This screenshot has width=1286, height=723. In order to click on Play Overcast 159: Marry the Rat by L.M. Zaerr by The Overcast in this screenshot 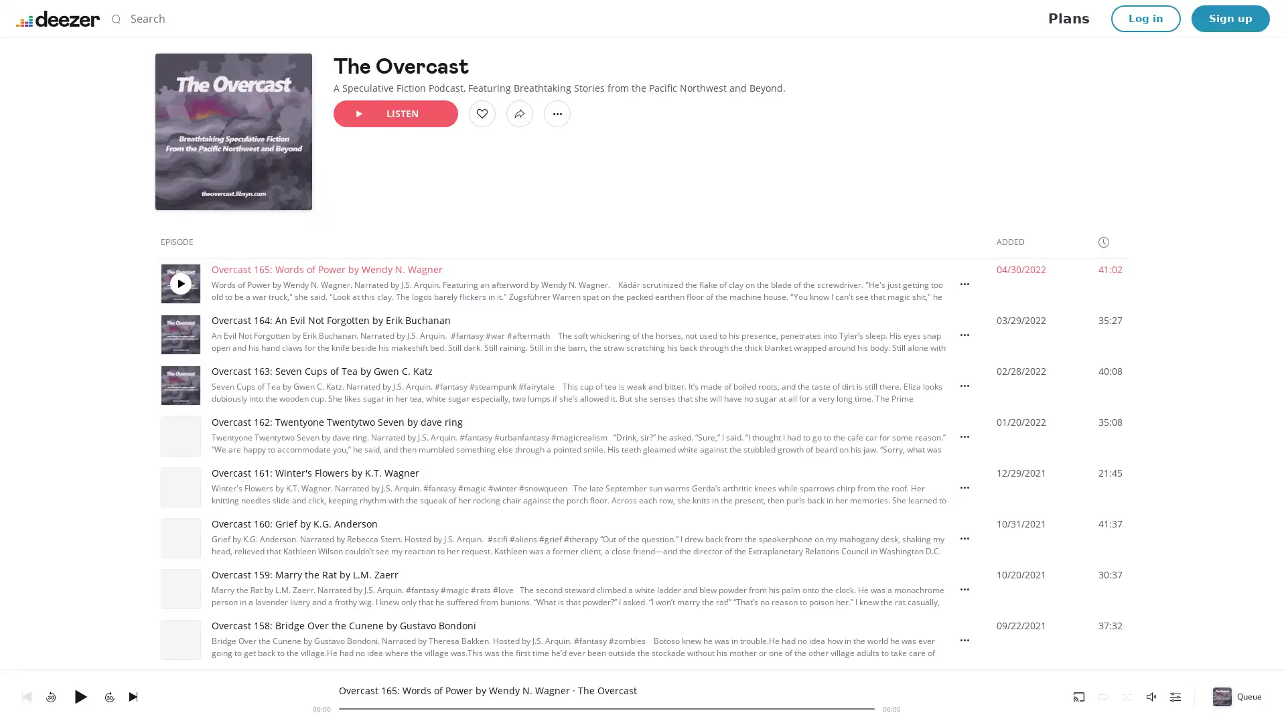, I will do `click(180, 588)`.